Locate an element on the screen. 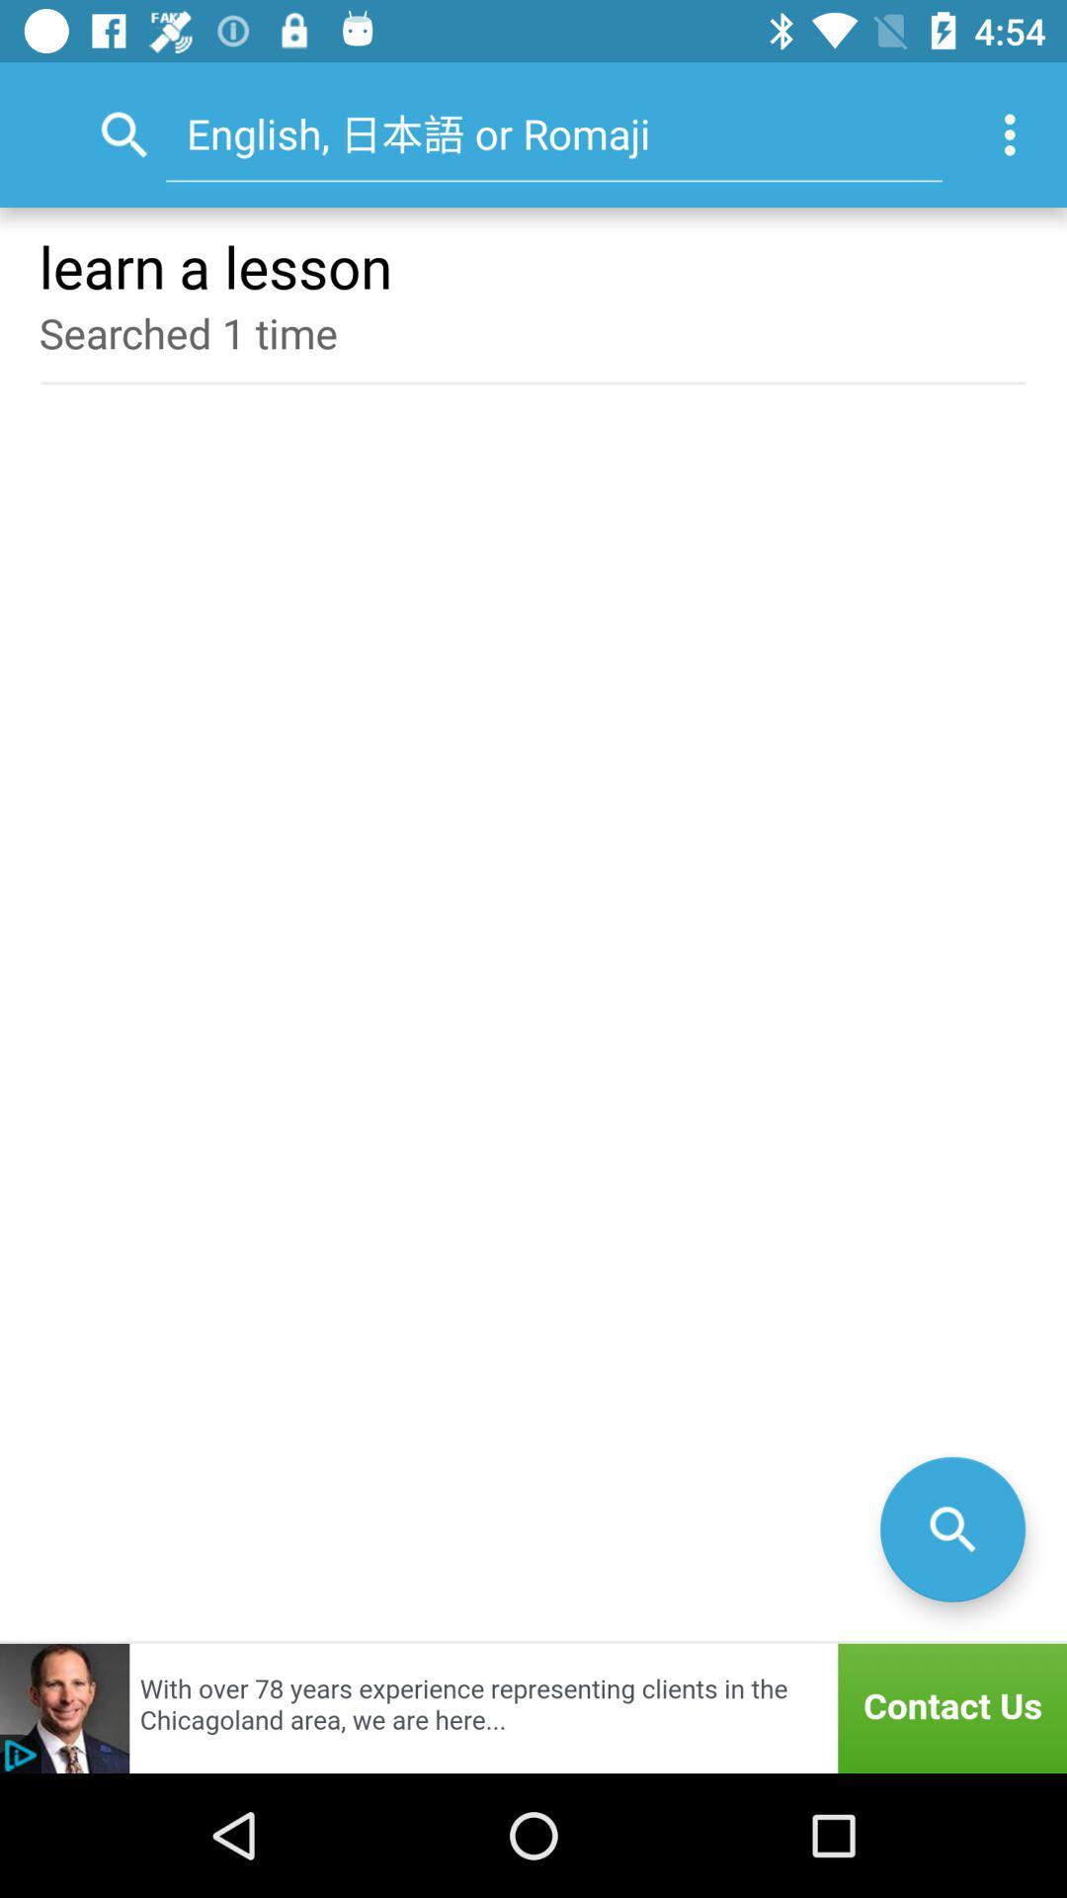 The height and width of the screenshot is (1898, 1067). the item above learn a lesson item is located at coordinates (553, 131).